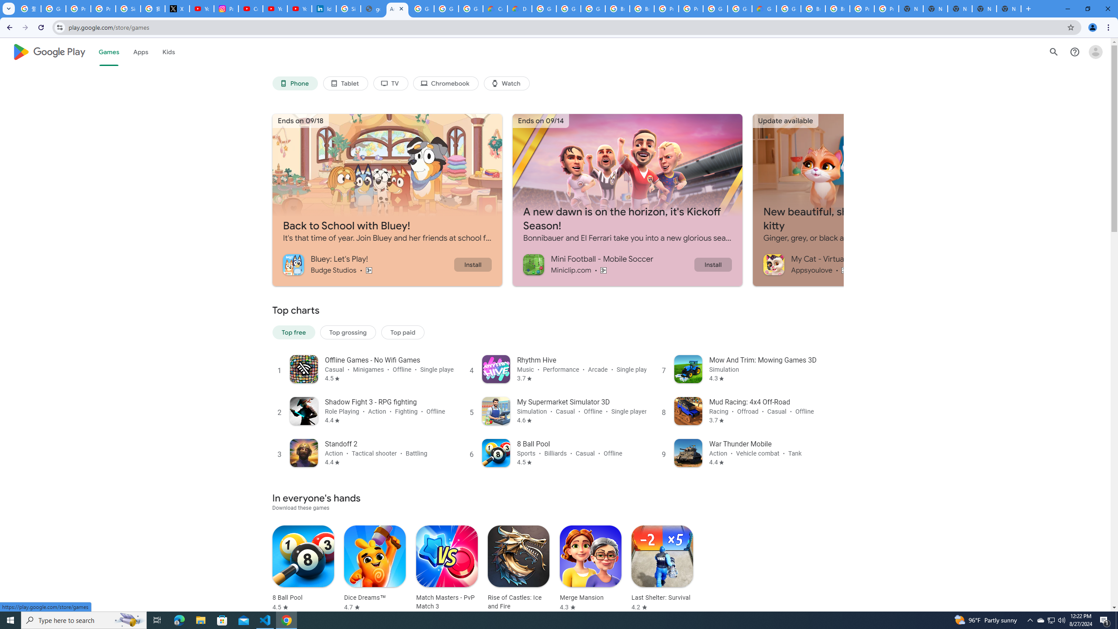 The width and height of the screenshot is (1118, 629). Describe the element at coordinates (446, 8) in the screenshot. I see `'Google Workspace - Specific Terms'` at that location.